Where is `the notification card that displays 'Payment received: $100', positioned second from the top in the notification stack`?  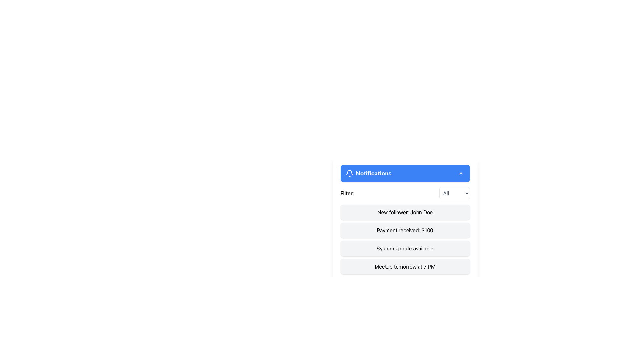
the notification card that displays 'Payment received: $100', positioned second from the top in the notification stack is located at coordinates (405, 230).